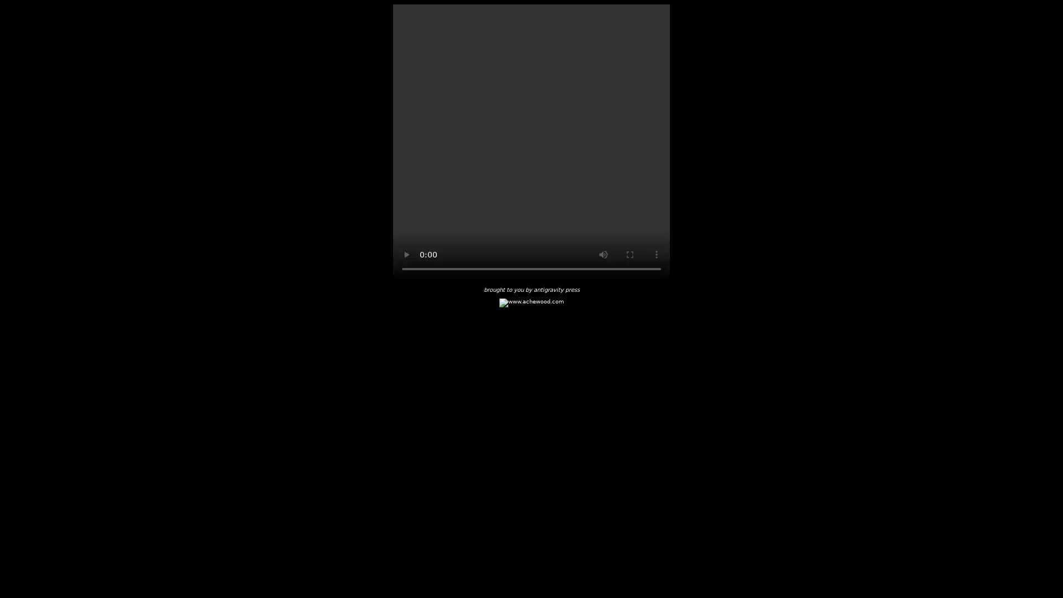 Image resolution: width=1063 pixels, height=598 pixels. Describe the element at coordinates (629, 254) in the screenshot. I see `enter full screen` at that location.